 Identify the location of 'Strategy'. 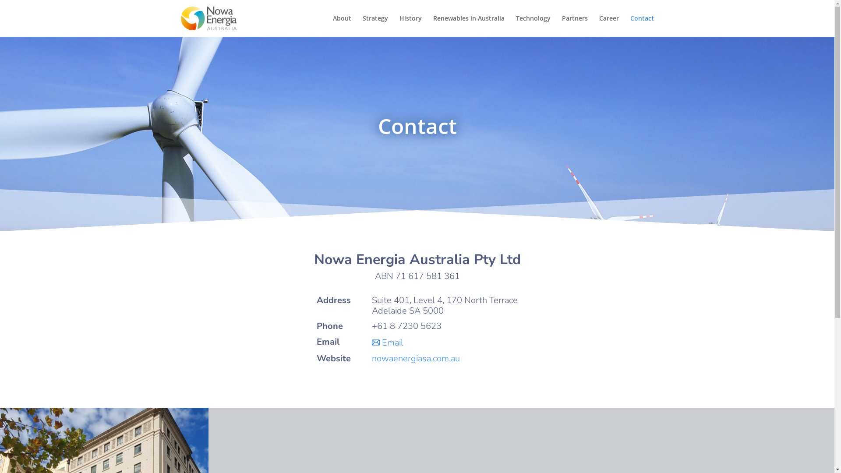
(363, 25).